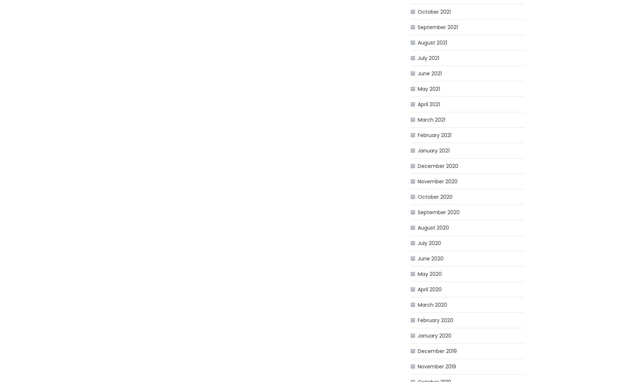  I want to click on 'June 2021', so click(430, 73).